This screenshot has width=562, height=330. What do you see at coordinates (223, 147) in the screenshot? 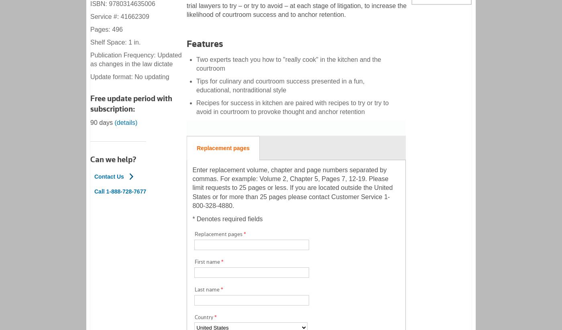
I see `'Replacement pages'` at bounding box center [223, 147].